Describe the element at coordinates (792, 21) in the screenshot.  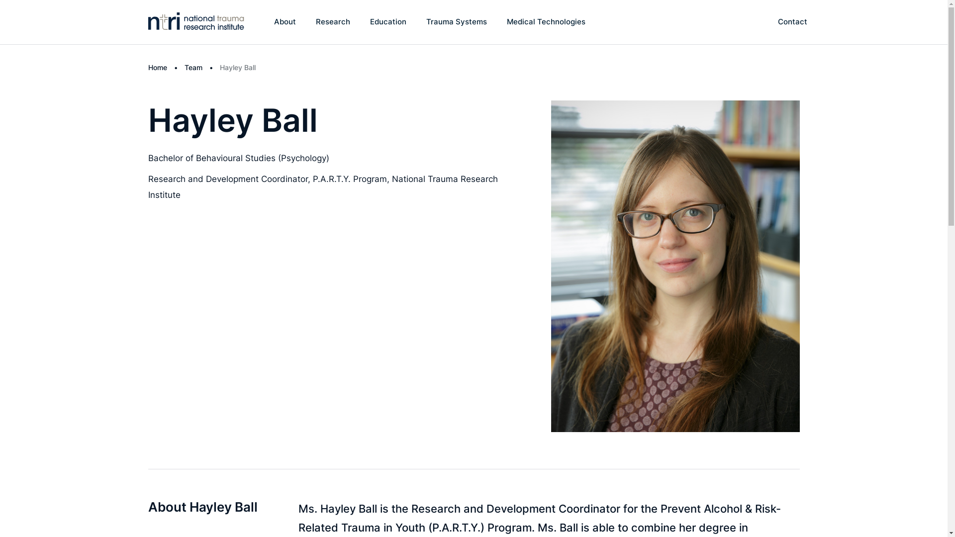
I see `'Contact'` at that location.